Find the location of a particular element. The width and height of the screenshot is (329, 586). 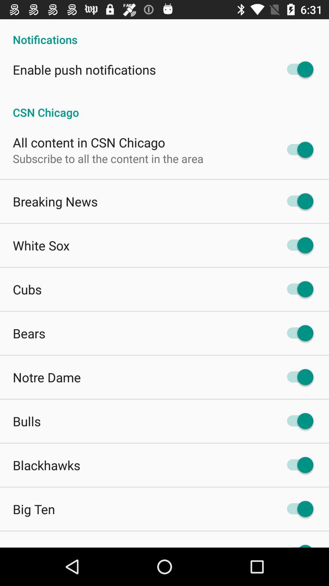

white sox item is located at coordinates (41, 245).